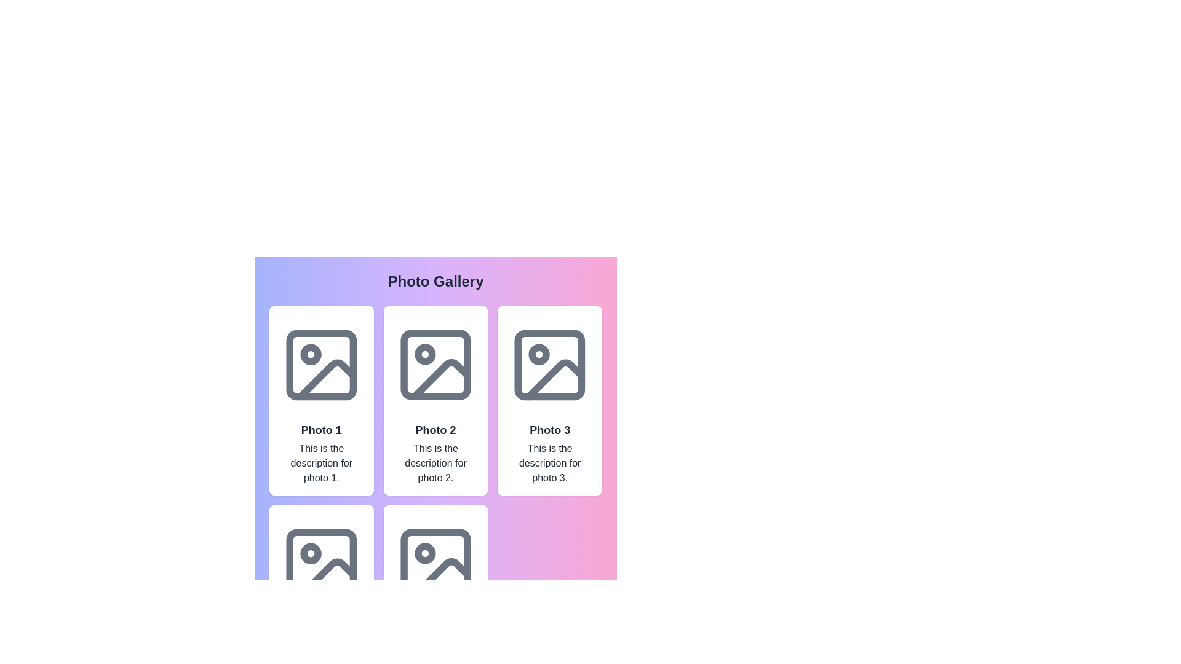  What do you see at coordinates (425, 354) in the screenshot?
I see `the small circular graphical element located within the photo icon associated with 'Photo 2', positioned towards the upper left inside the icon` at bounding box center [425, 354].